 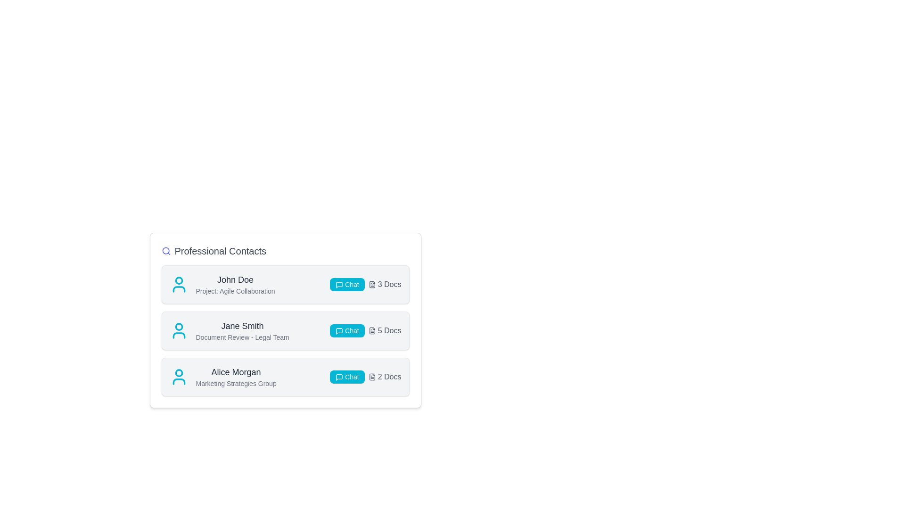 What do you see at coordinates (346, 284) in the screenshot?
I see `the 'Chat' button for the contact John Doe` at bounding box center [346, 284].